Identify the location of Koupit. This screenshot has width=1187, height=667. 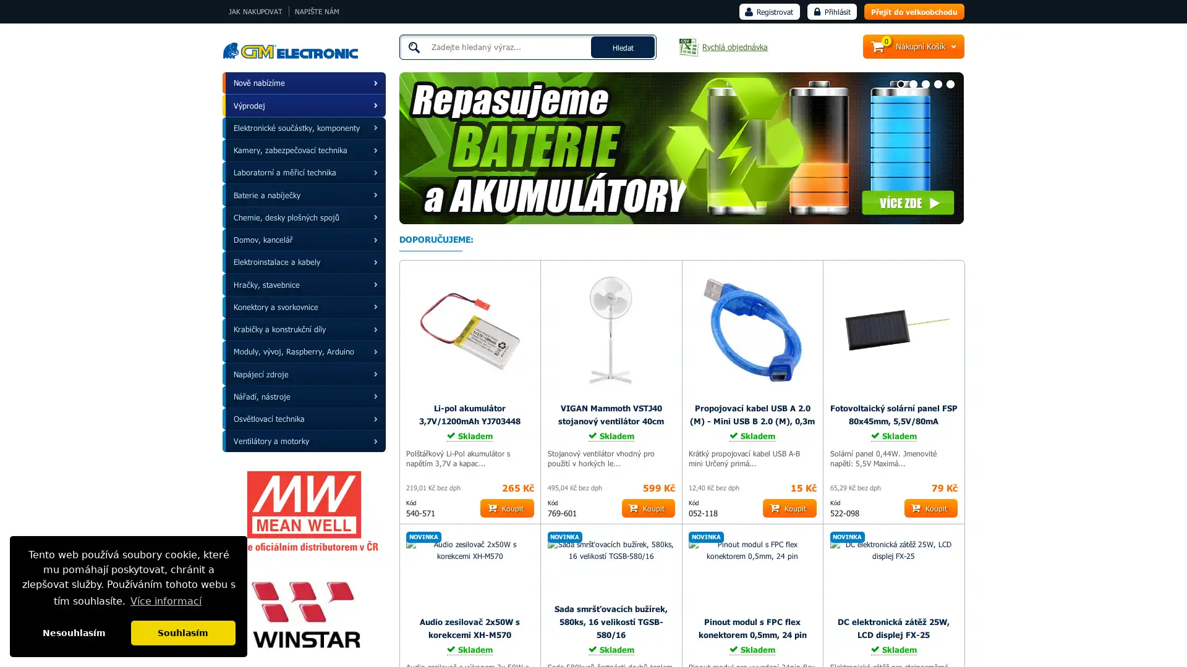
(930, 508).